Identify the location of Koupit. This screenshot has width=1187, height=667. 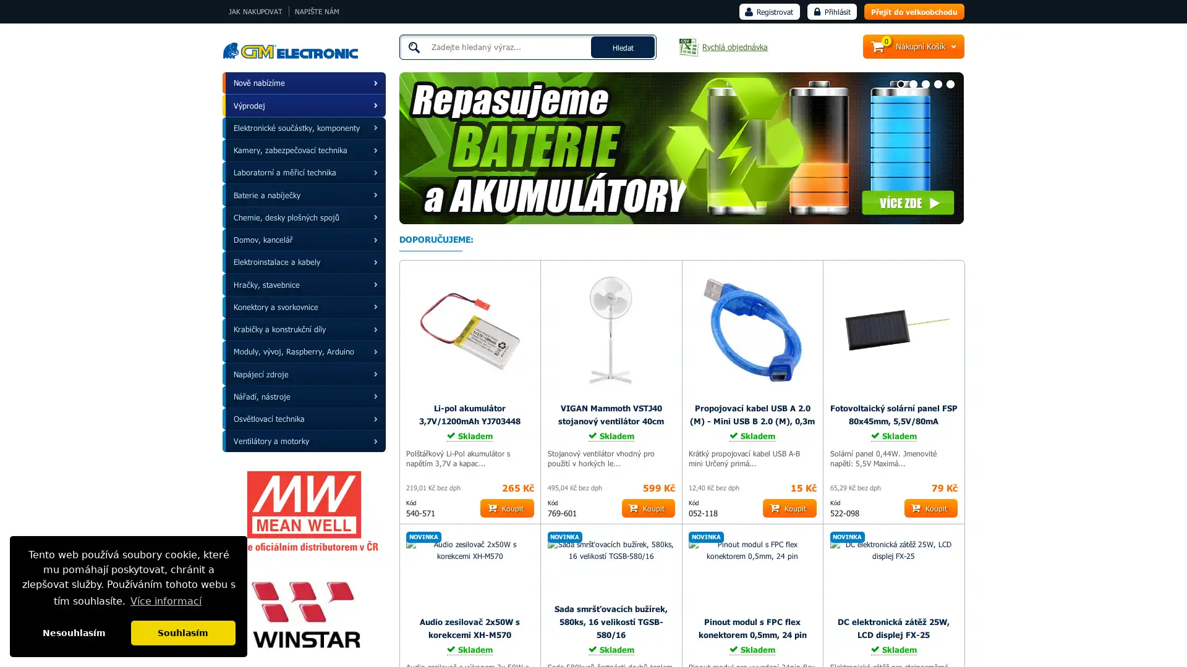
(930, 508).